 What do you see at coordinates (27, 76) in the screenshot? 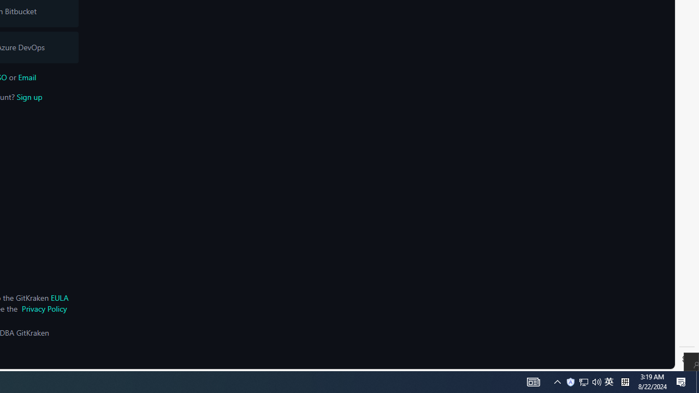
I see `'Email'` at bounding box center [27, 76].